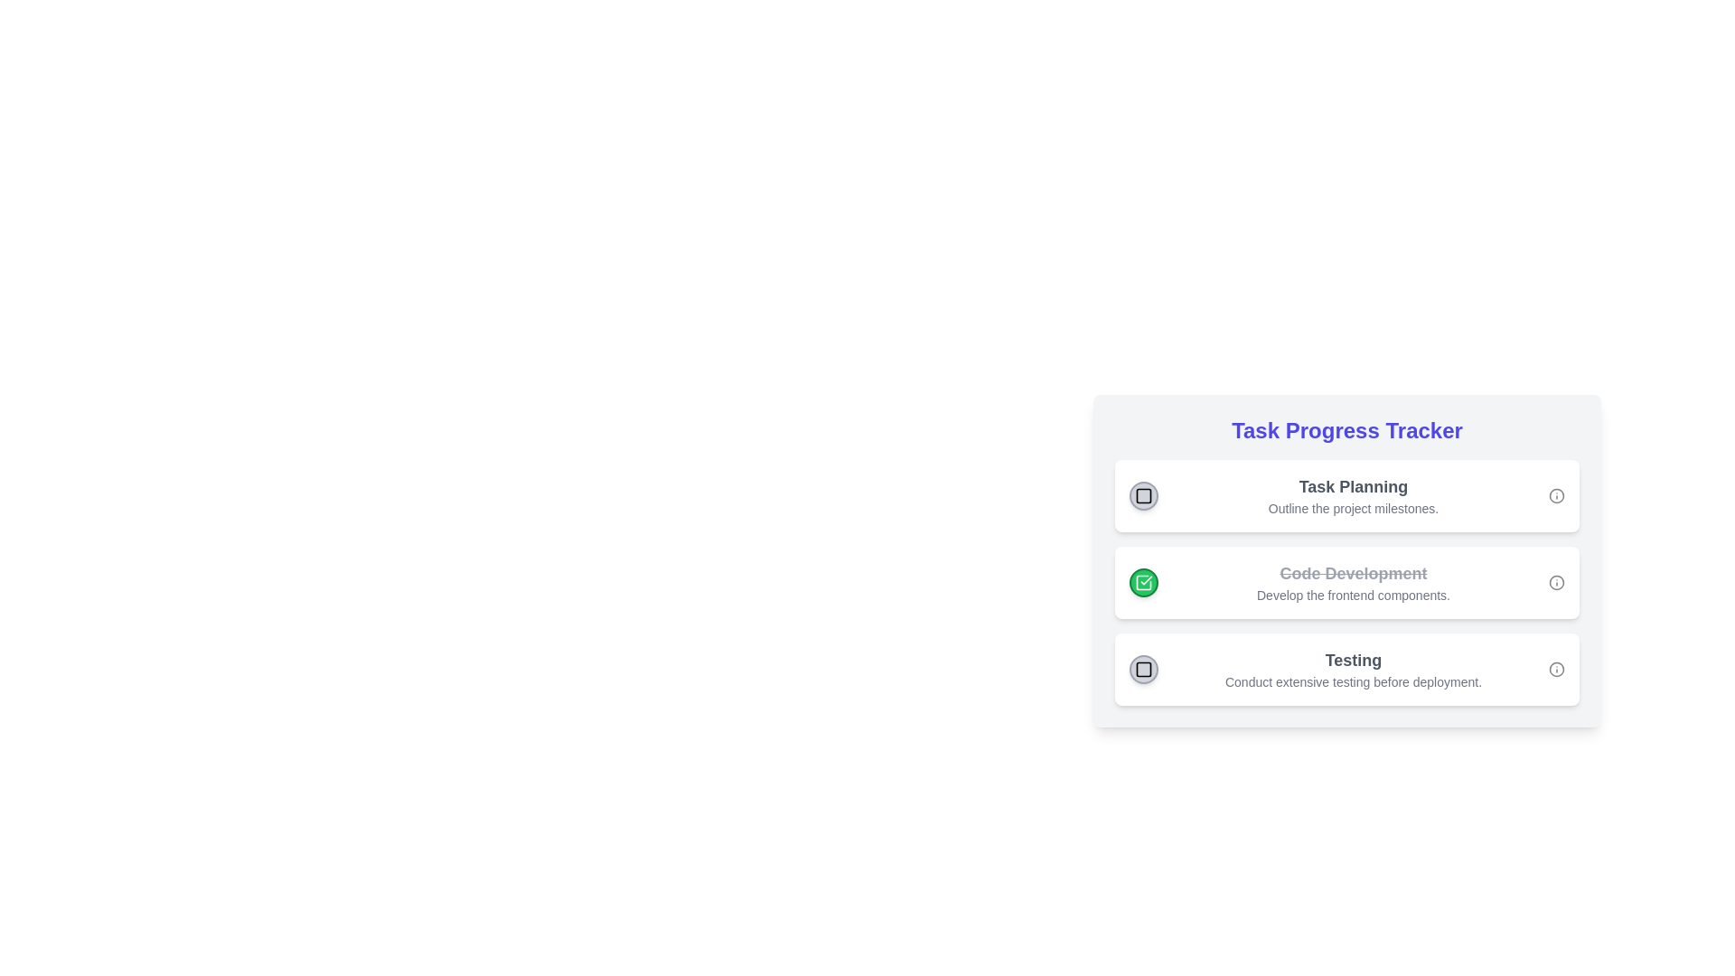  What do you see at coordinates (1143, 495) in the screenshot?
I see `the non-interactive SVG square element that serves as a visual indicator under the 'Task Planning' title in the progress tracker card series` at bounding box center [1143, 495].